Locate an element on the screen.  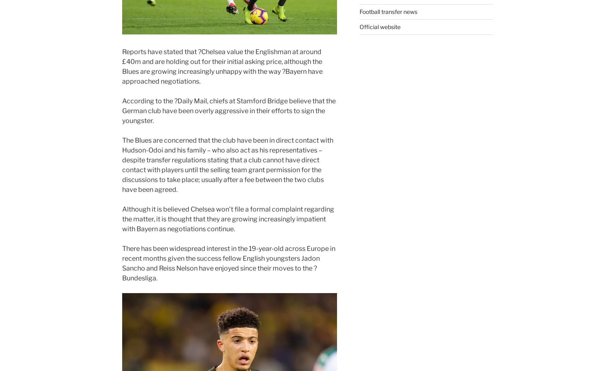
'According to the' is located at coordinates (148, 100).